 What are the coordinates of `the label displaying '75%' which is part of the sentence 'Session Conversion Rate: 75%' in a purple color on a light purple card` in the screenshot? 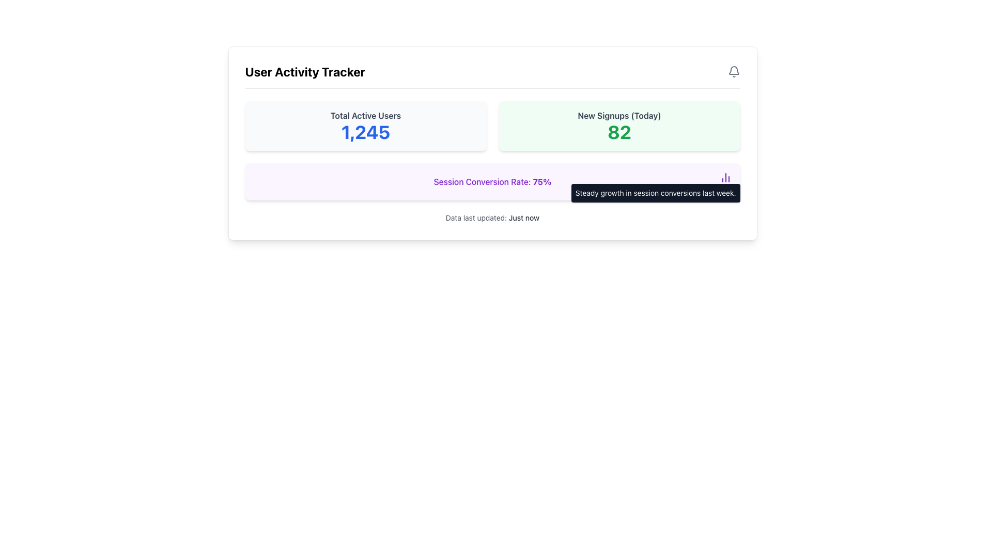 It's located at (541, 181).